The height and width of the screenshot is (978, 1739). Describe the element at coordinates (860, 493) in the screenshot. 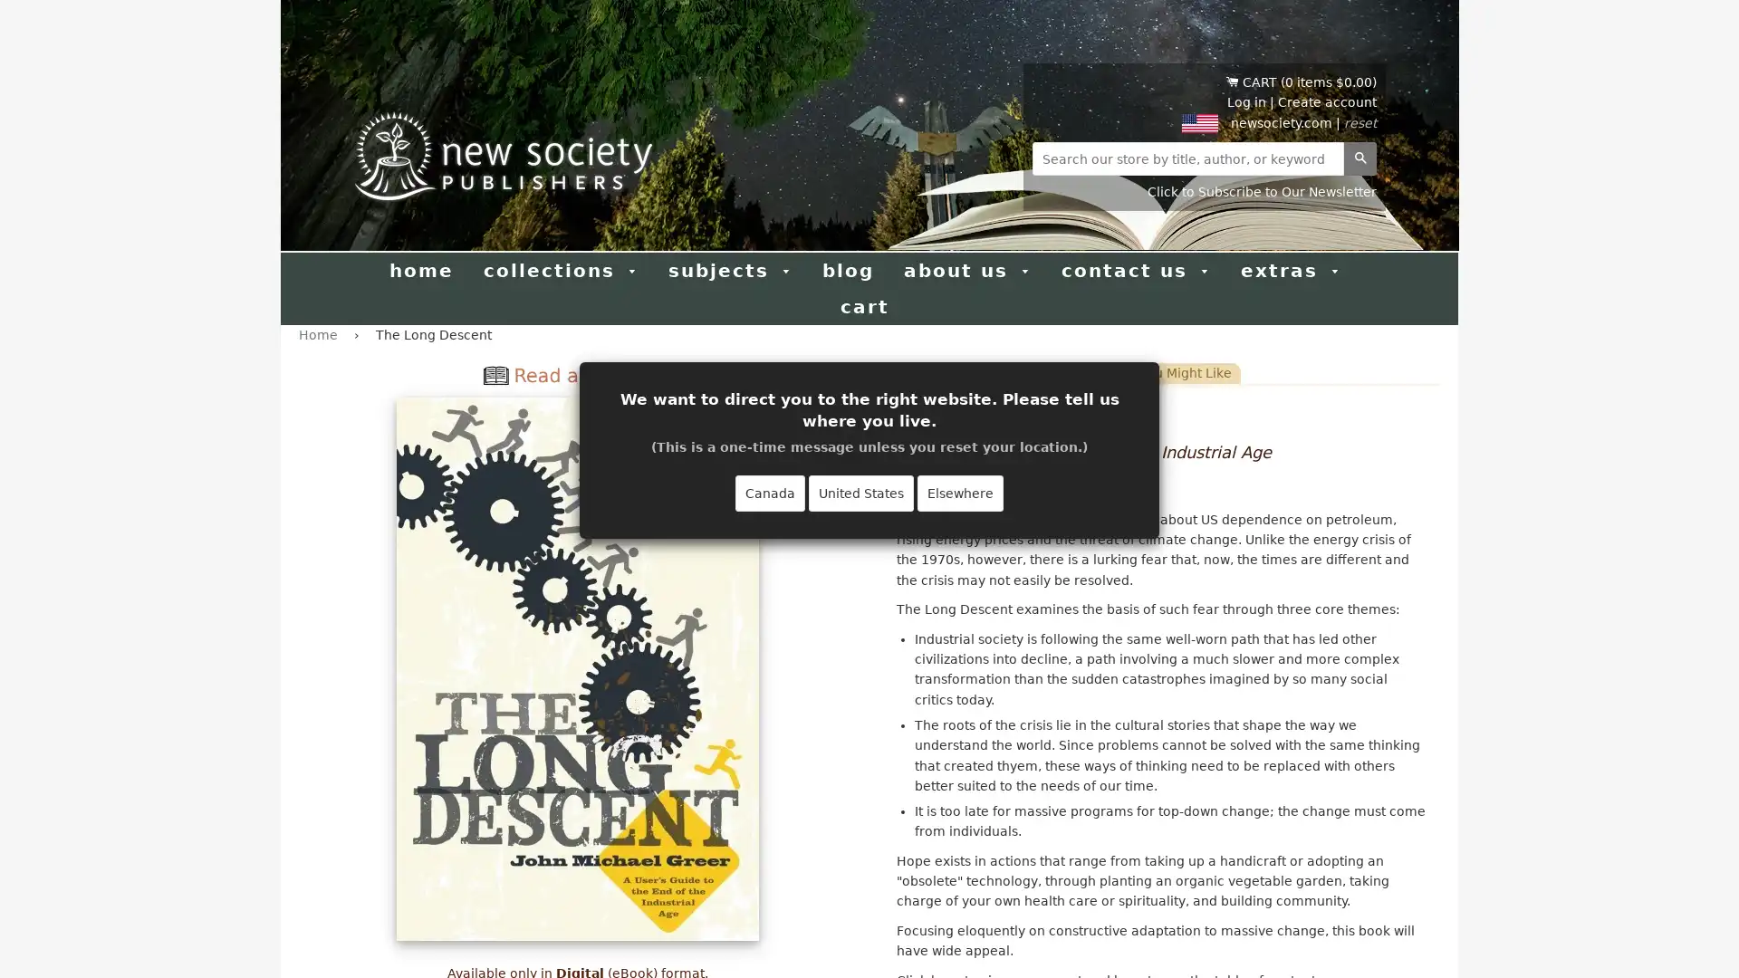

I see `United States` at that location.